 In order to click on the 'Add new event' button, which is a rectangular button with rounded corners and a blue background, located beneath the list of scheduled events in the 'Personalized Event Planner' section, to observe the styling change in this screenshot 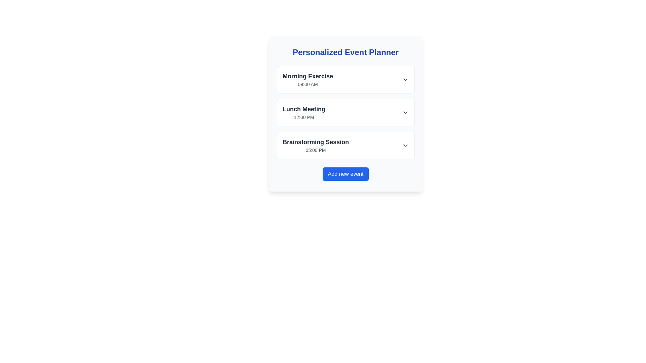, I will do `click(346, 173)`.